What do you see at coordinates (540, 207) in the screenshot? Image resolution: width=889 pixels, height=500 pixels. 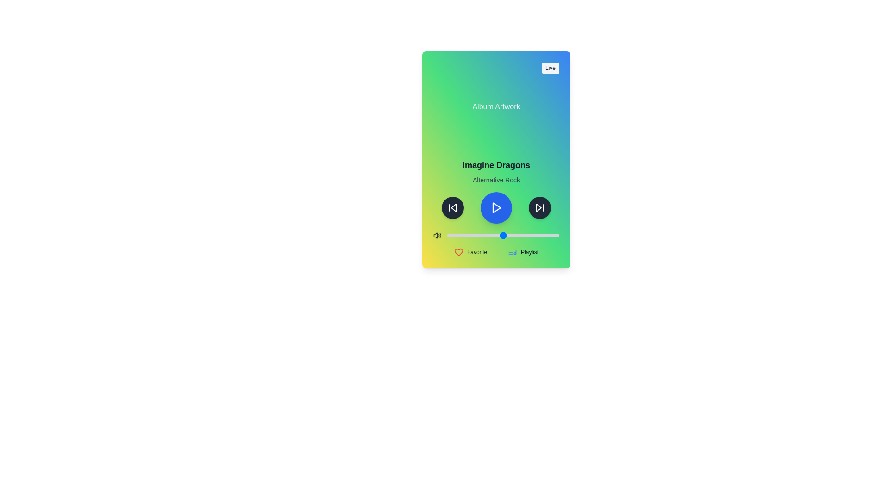 I see `the 'skip forward' button in the media player interface to skip to the next track` at bounding box center [540, 207].